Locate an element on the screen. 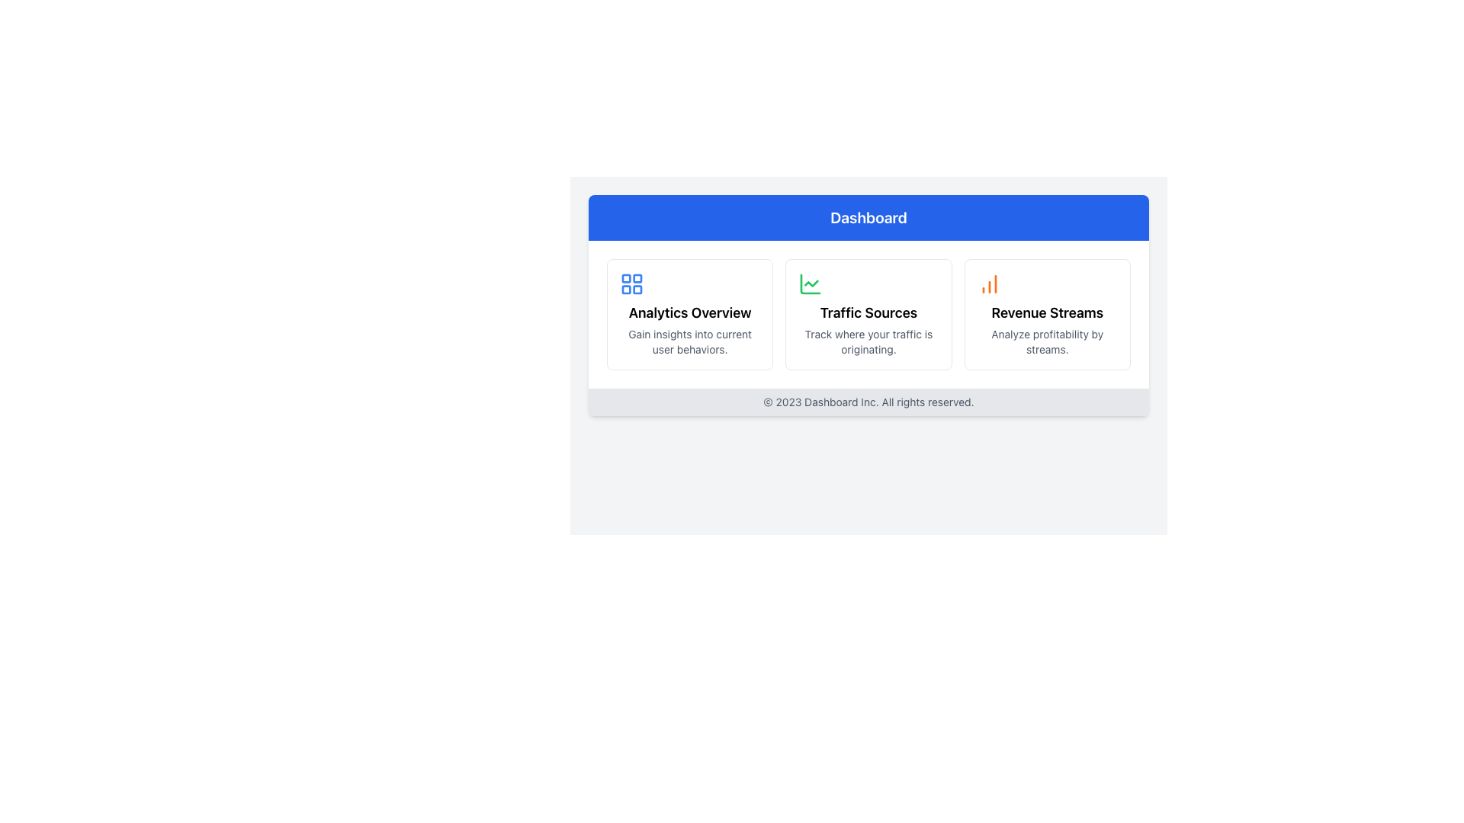 This screenshot has width=1464, height=823. the 'Analytics Overview' information card, which is the first card in a horizontal grid of three, located to the left of the 'Traffic Sources' and 'Revenue Streams' cards is located at coordinates (689, 313).